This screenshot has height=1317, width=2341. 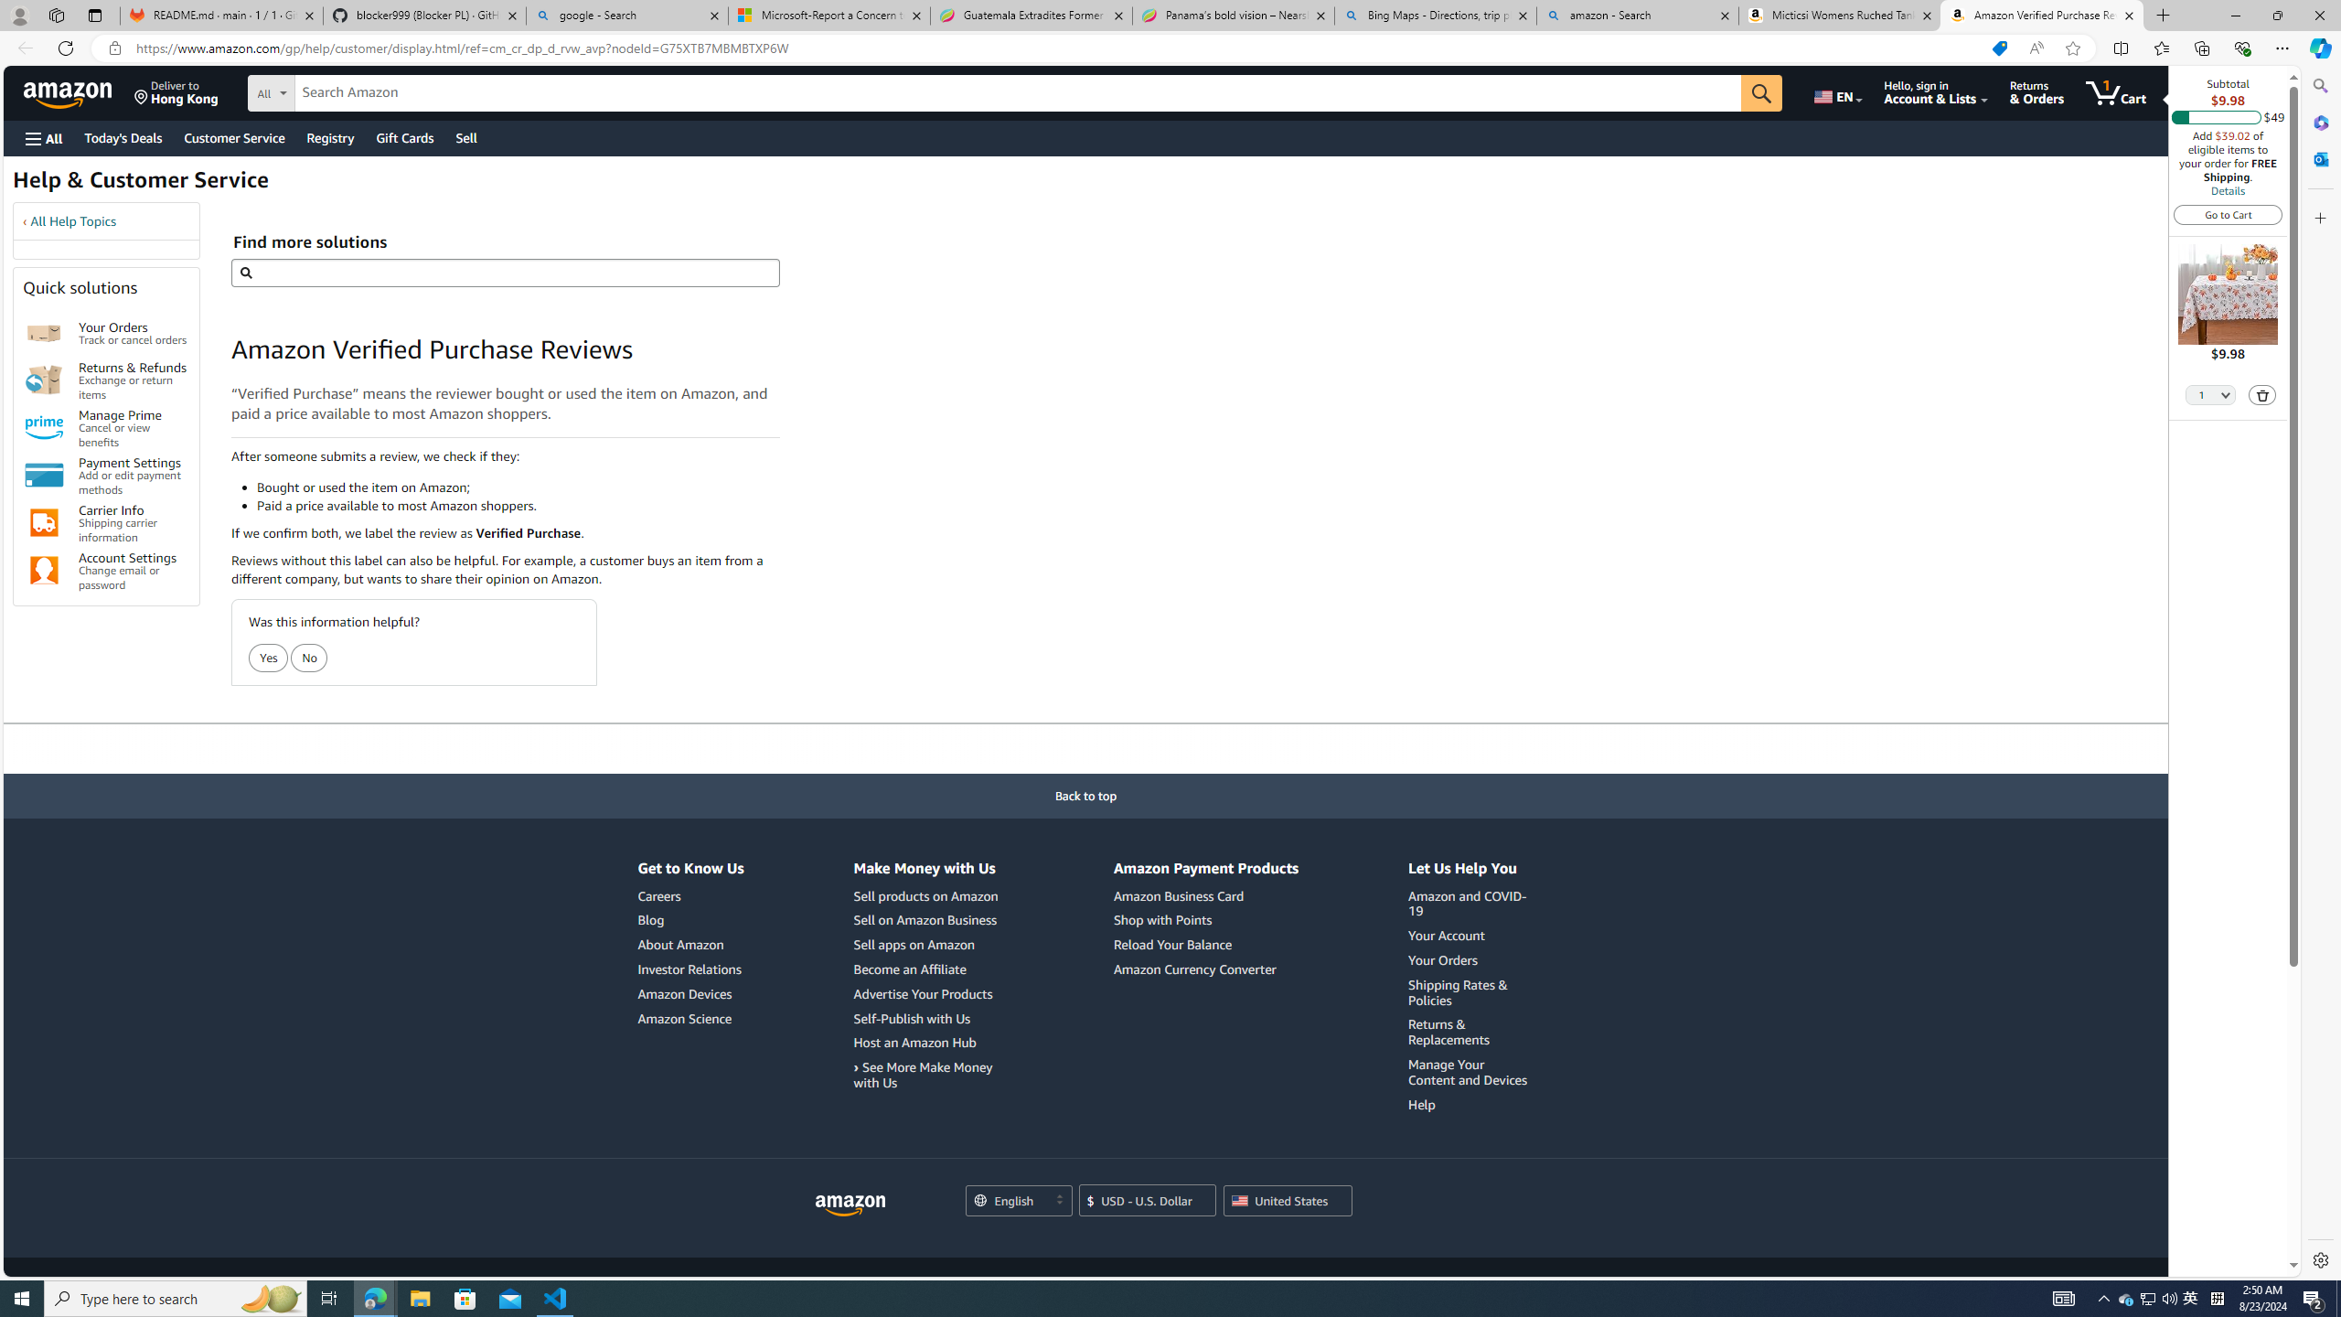 I want to click on 'Amazon Devices', so click(x=689, y=994).